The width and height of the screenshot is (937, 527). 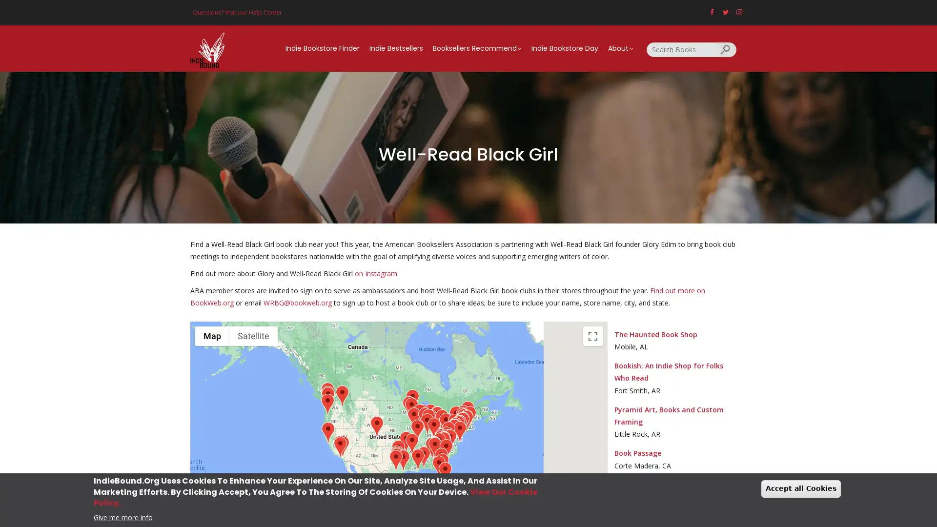 I want to click on Onyx Bookstore Cafe, so click(x=434, y=447).